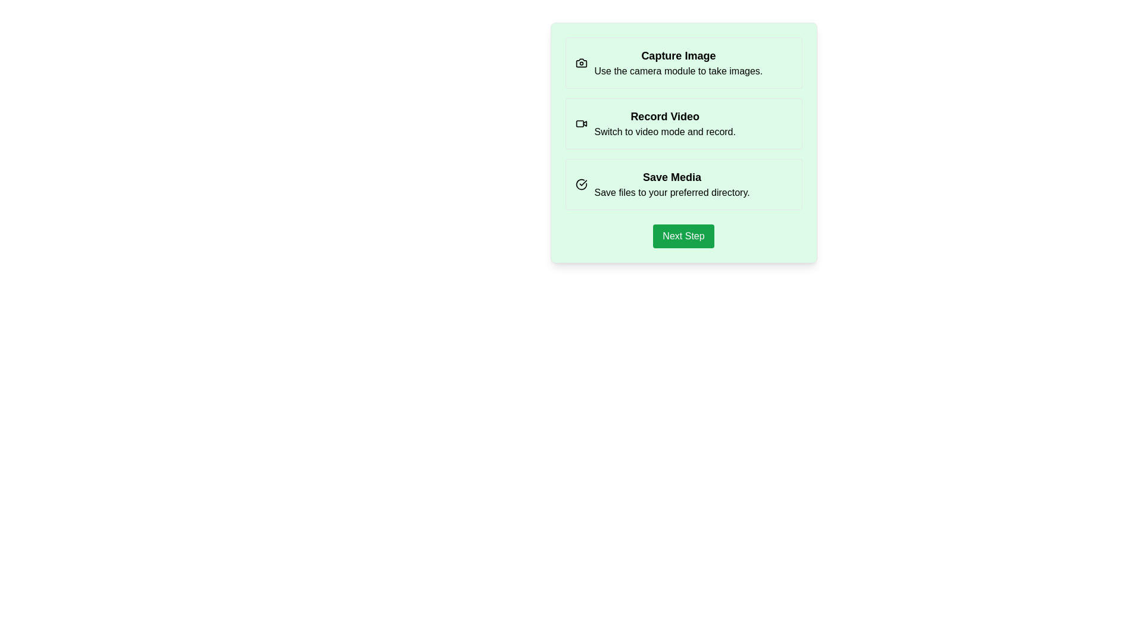 The image size is (1143, 643). Describe the element at coordinates (581, 124) in the screenshot. I see `the video camera icon, which has a rectangular body and a triangular shape, located in the second row to the left of the 'Record Video' text` at that location.